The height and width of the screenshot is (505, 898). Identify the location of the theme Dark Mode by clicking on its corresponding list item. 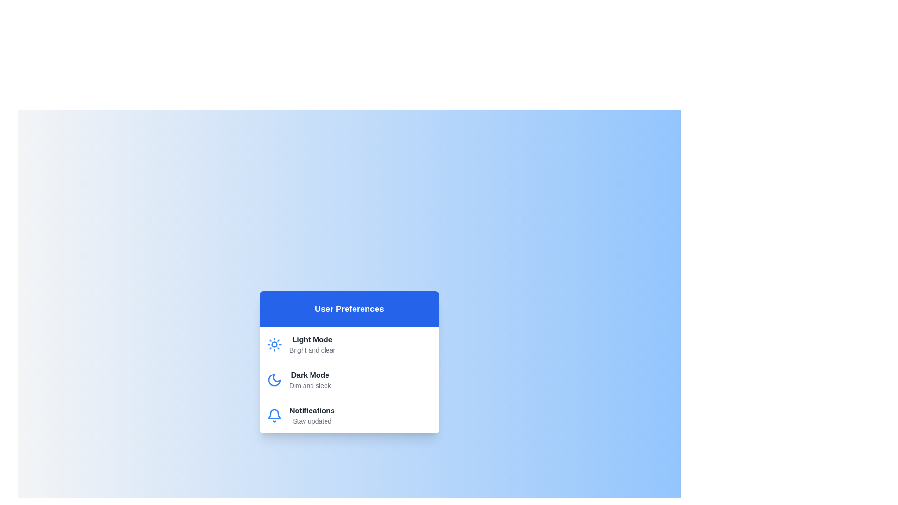
(349, 380).